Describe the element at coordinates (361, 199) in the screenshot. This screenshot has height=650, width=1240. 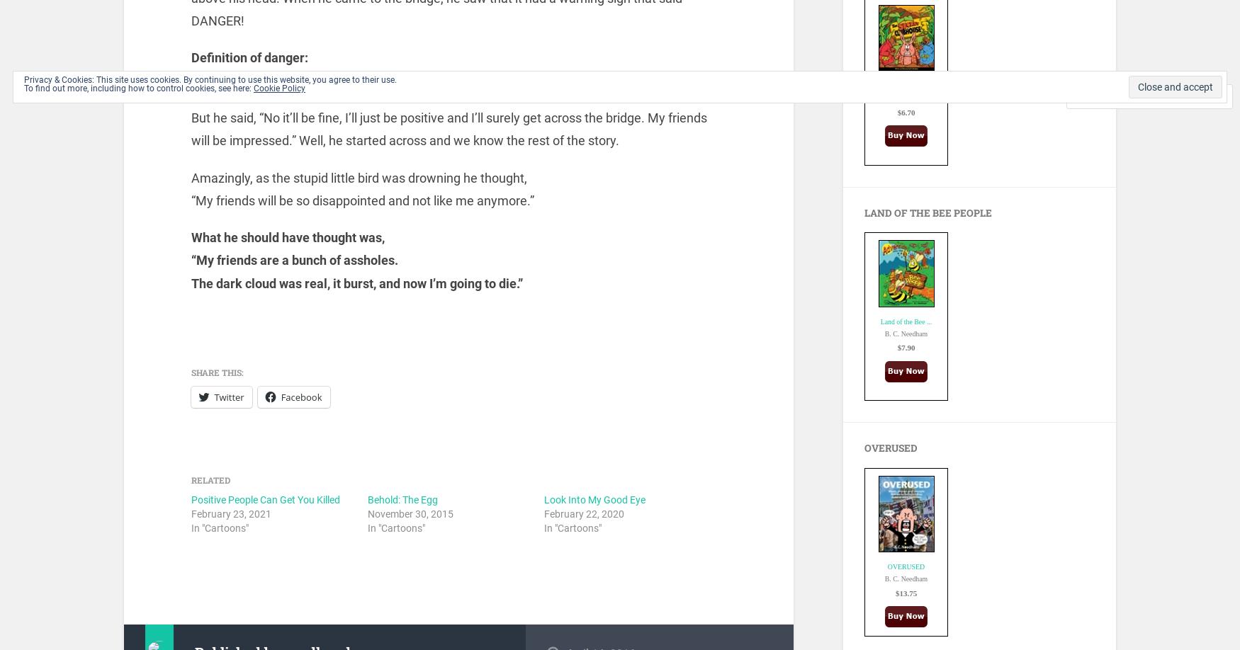
I see `'“My friends will be so disappointed and not like me anymore.”'` at that location.